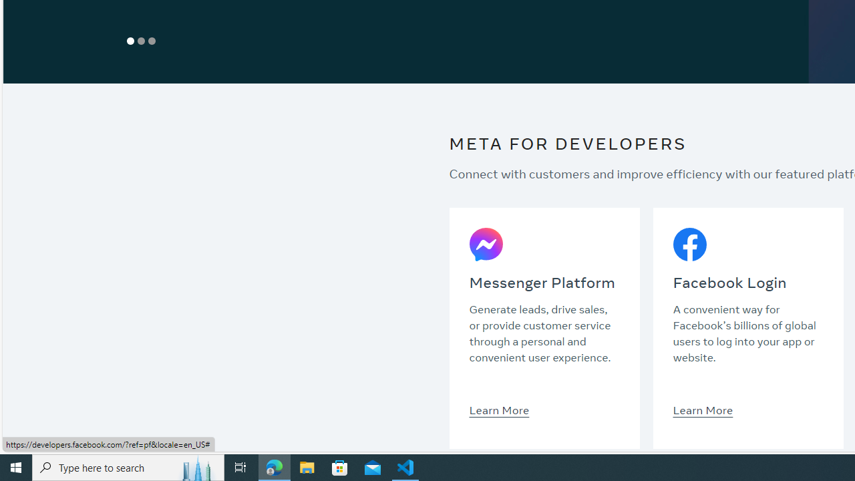 This screenshot has height=481, width=855. What do you see at coordinates (152, 40) in the screenshot?
I see `'Show Slide 3'` at bounding box center [152, 40].